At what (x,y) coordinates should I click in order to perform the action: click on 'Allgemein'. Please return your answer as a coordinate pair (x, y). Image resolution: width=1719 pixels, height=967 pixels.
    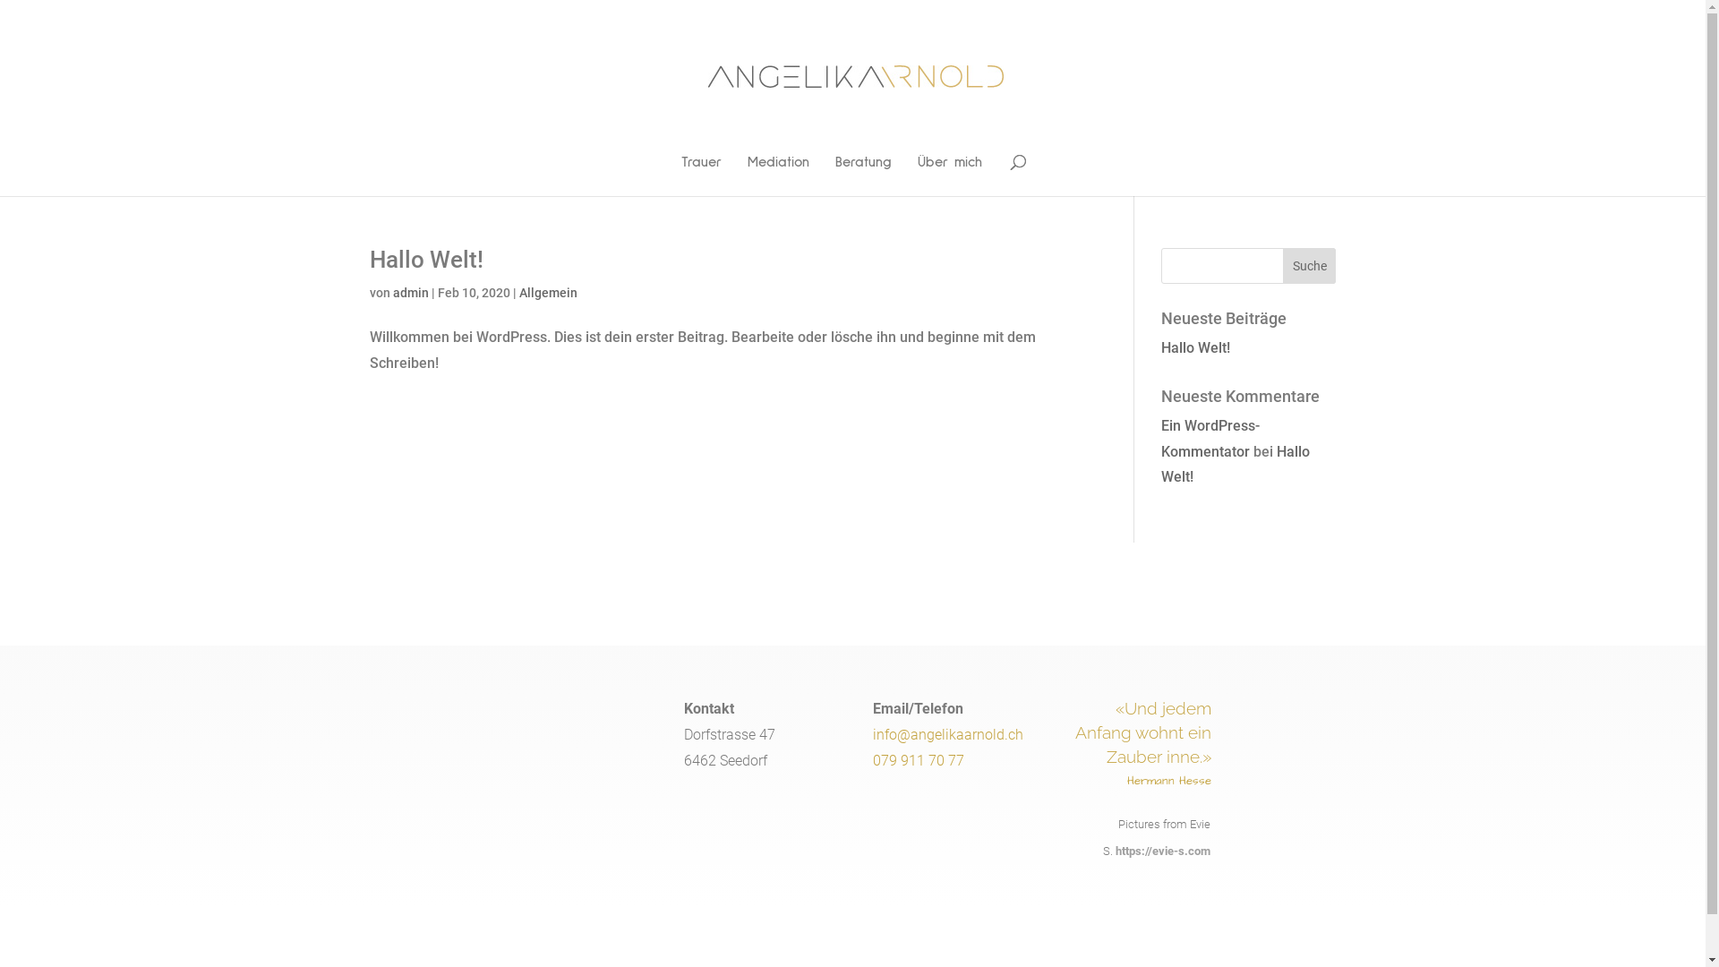
    Looking at the image, I should click on (518, 292).